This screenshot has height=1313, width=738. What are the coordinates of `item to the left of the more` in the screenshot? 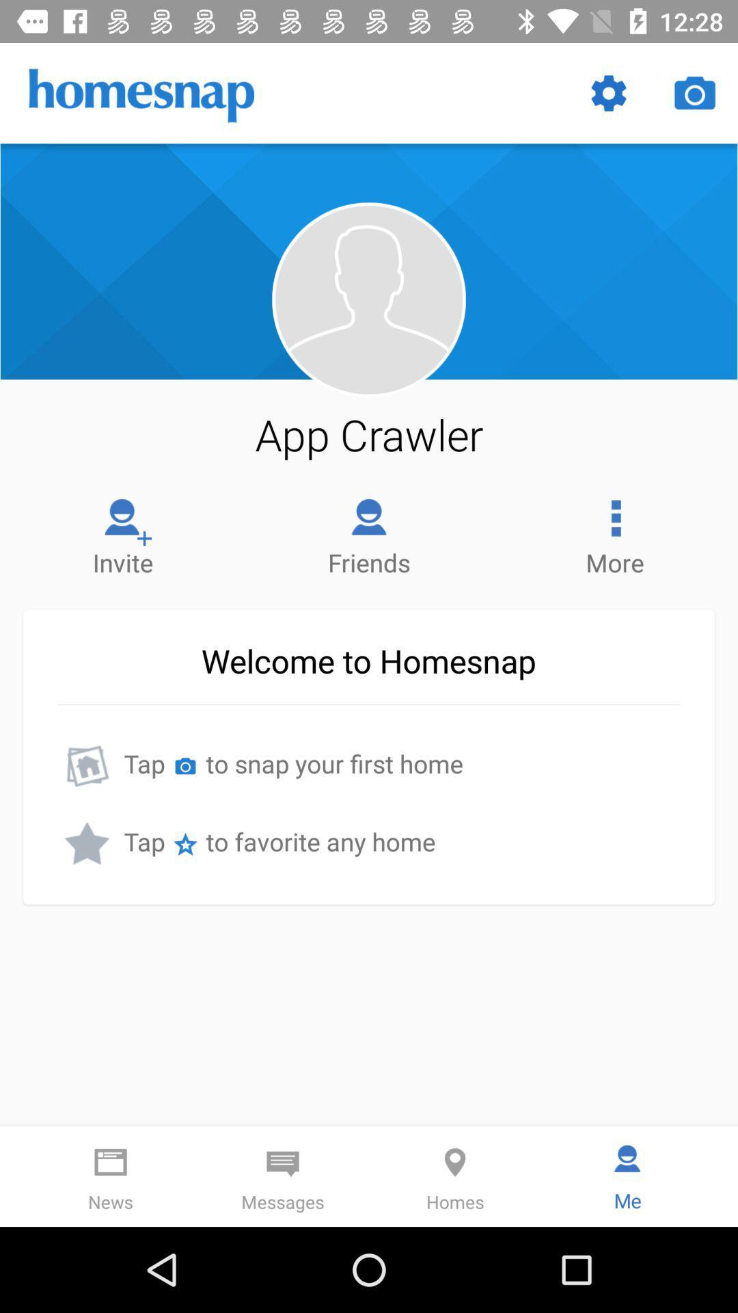 It's located at (369, 533).